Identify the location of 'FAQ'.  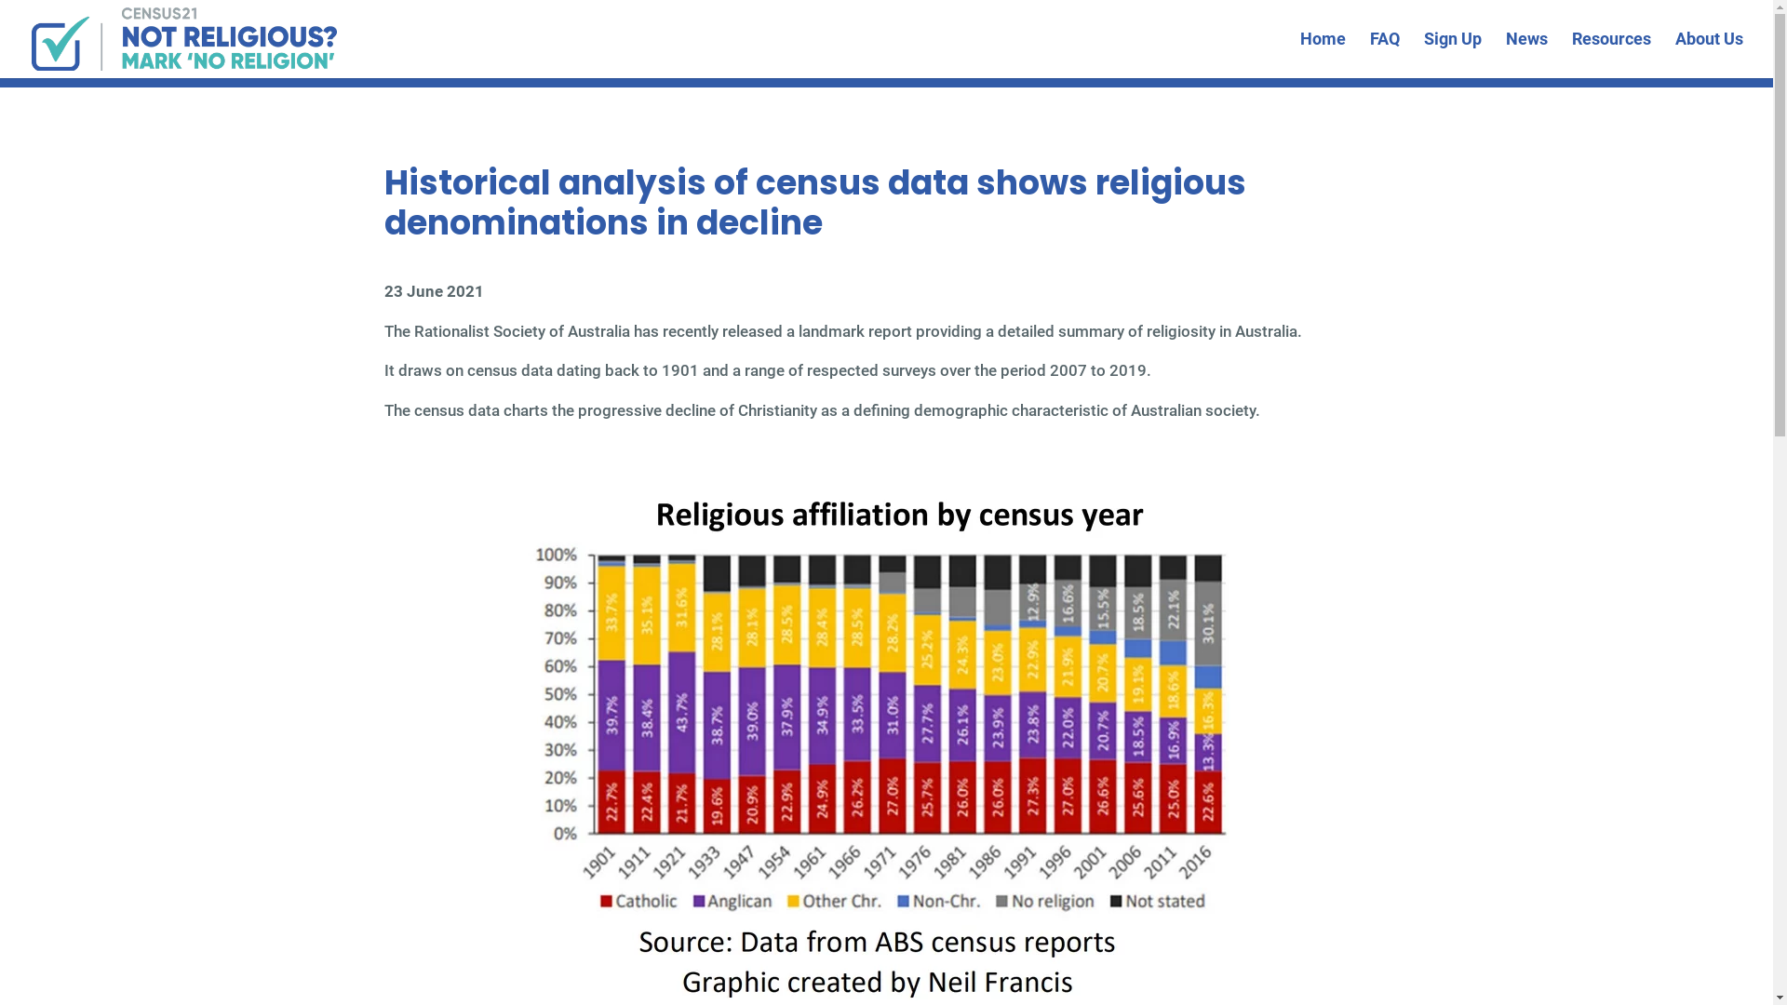
(1385, 54).